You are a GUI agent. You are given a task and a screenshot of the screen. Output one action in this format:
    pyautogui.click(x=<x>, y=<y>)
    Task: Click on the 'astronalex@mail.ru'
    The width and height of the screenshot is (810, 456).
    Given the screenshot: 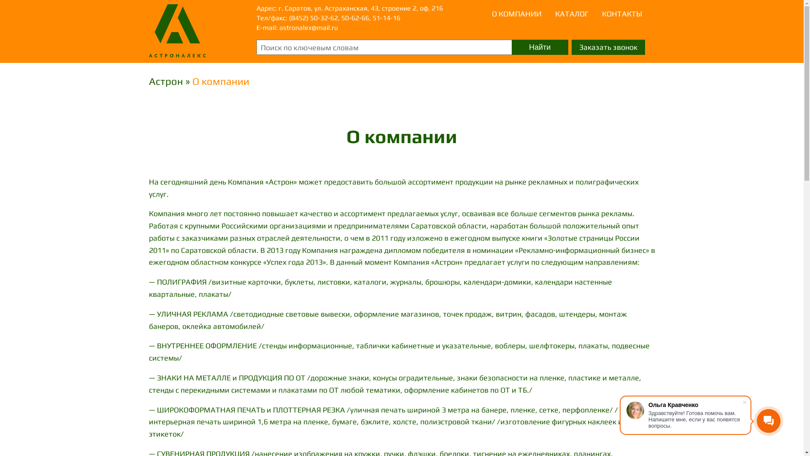 What is the action you would take?
    pyautogui.click(x=308, y=27)
    